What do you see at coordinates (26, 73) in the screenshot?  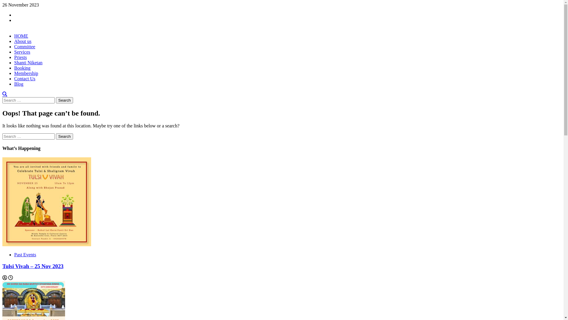 I see `'Membership'` at bounding box center [26, 73].